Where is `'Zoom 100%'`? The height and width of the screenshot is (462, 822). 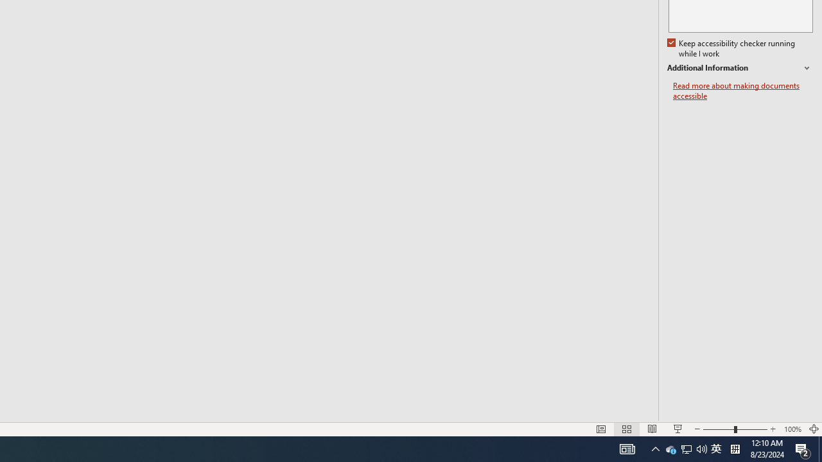 'Zoom 100%' is located at coordinates (792, 429).